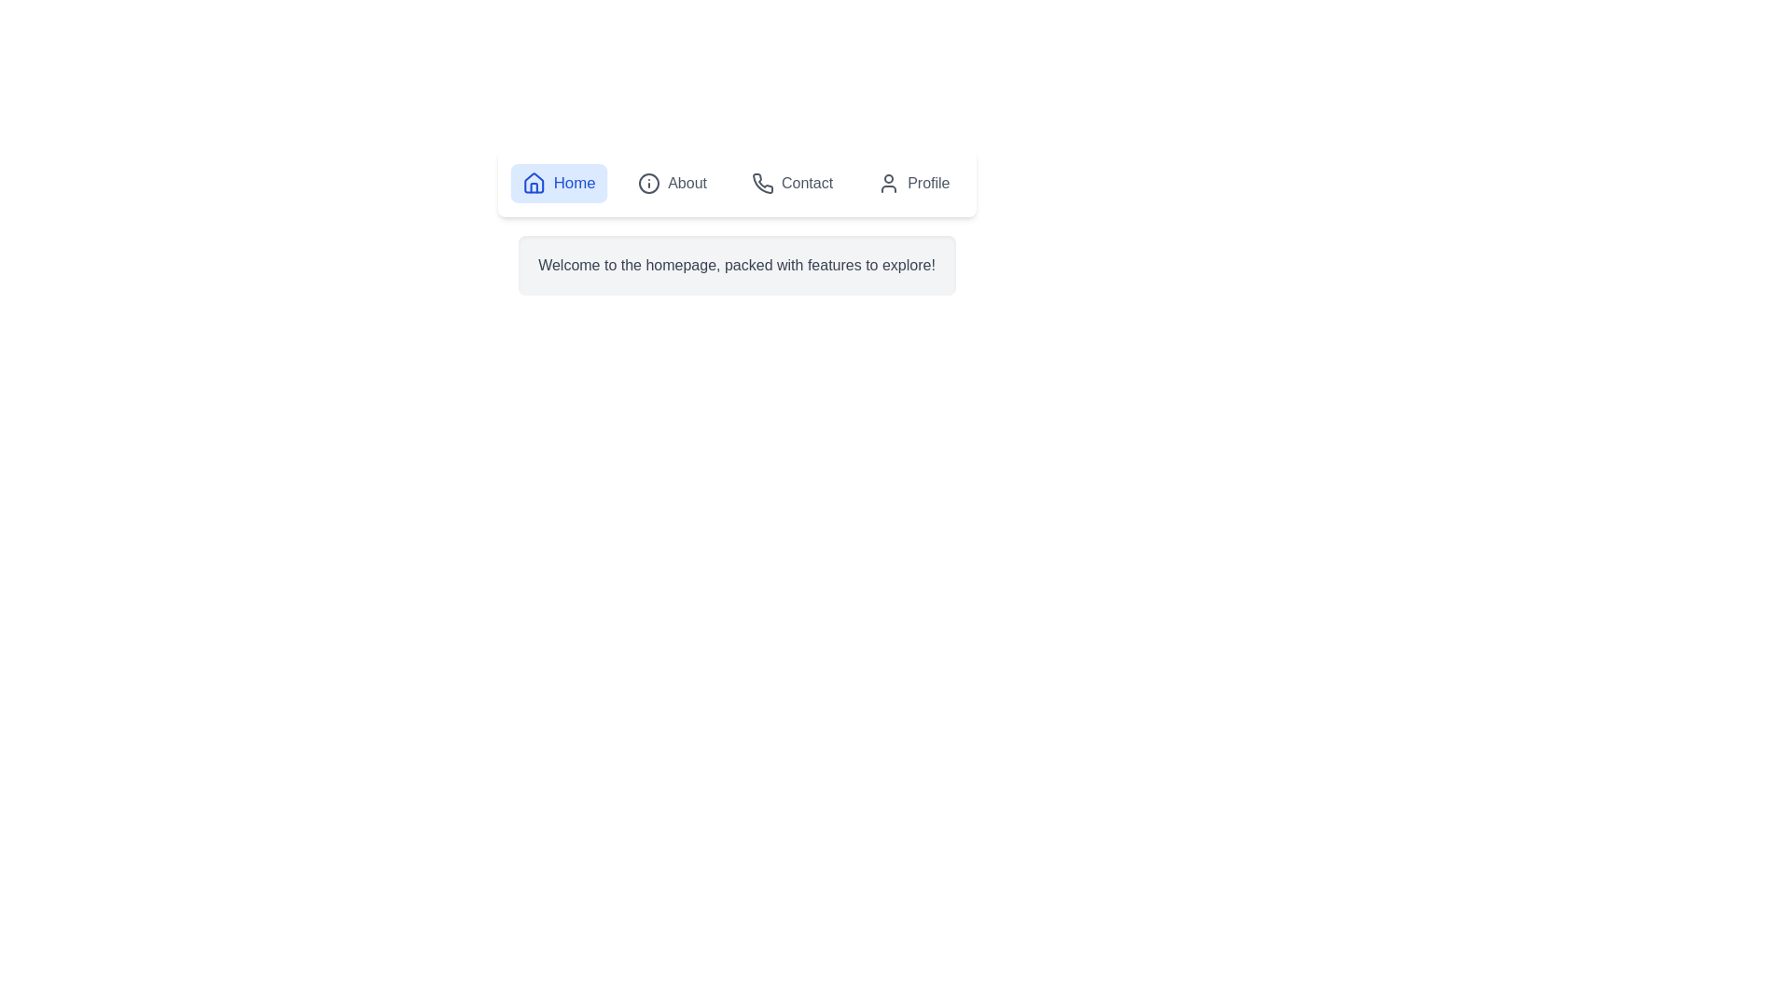 The height and width of the screenshot is (1007, 1791). I want to click on the Profile tab by clicking its button, so click(913, 183).